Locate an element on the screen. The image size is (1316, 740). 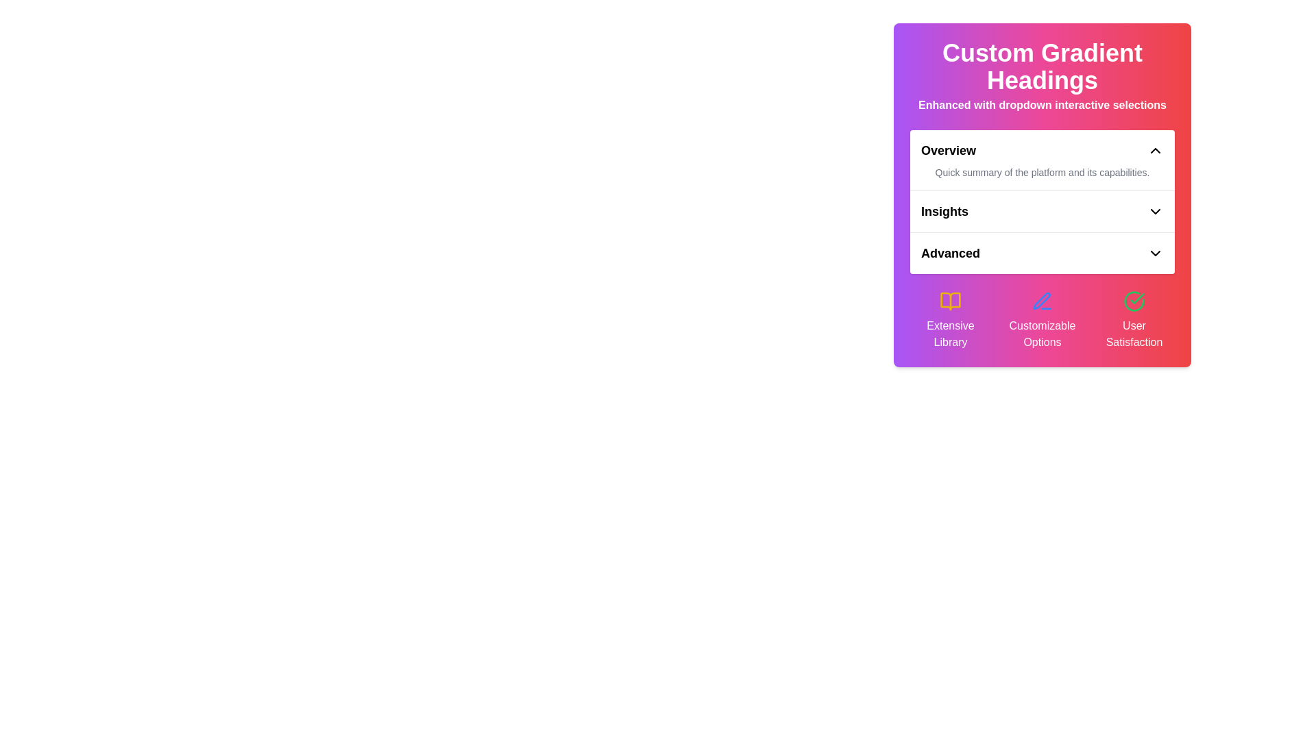
the middle stylized pen icon within the blue square icon located at the bottom-middle part of the gradient card interface is located at coordinates (1042, 300).